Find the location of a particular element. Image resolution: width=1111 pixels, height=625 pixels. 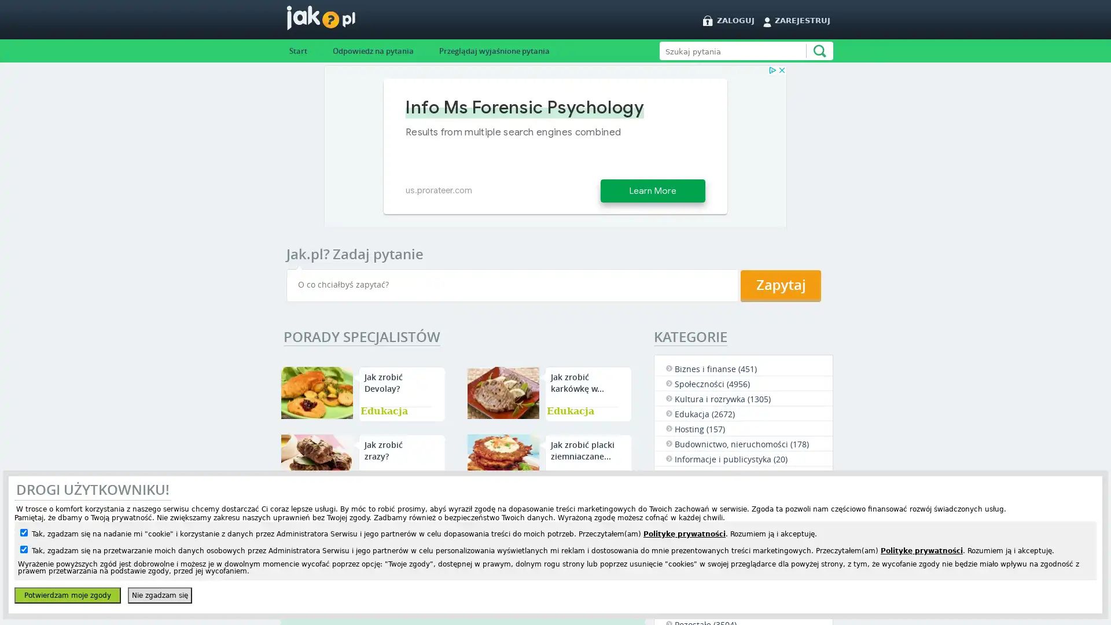

Nie zgadzam sie is located at coordinates (159, 595).